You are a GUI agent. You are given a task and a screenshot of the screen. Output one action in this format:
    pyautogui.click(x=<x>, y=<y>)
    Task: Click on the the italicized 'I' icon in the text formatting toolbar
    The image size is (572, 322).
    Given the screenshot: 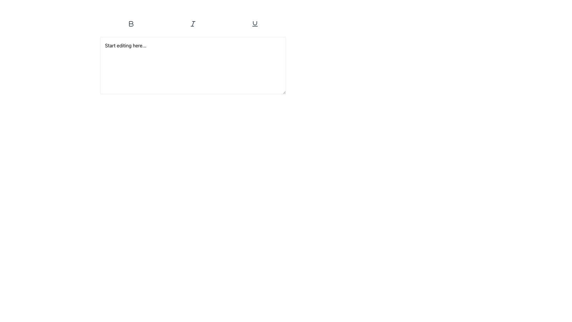 What is the action you would take?
    pyautogui.click(x=193, y=24)
    